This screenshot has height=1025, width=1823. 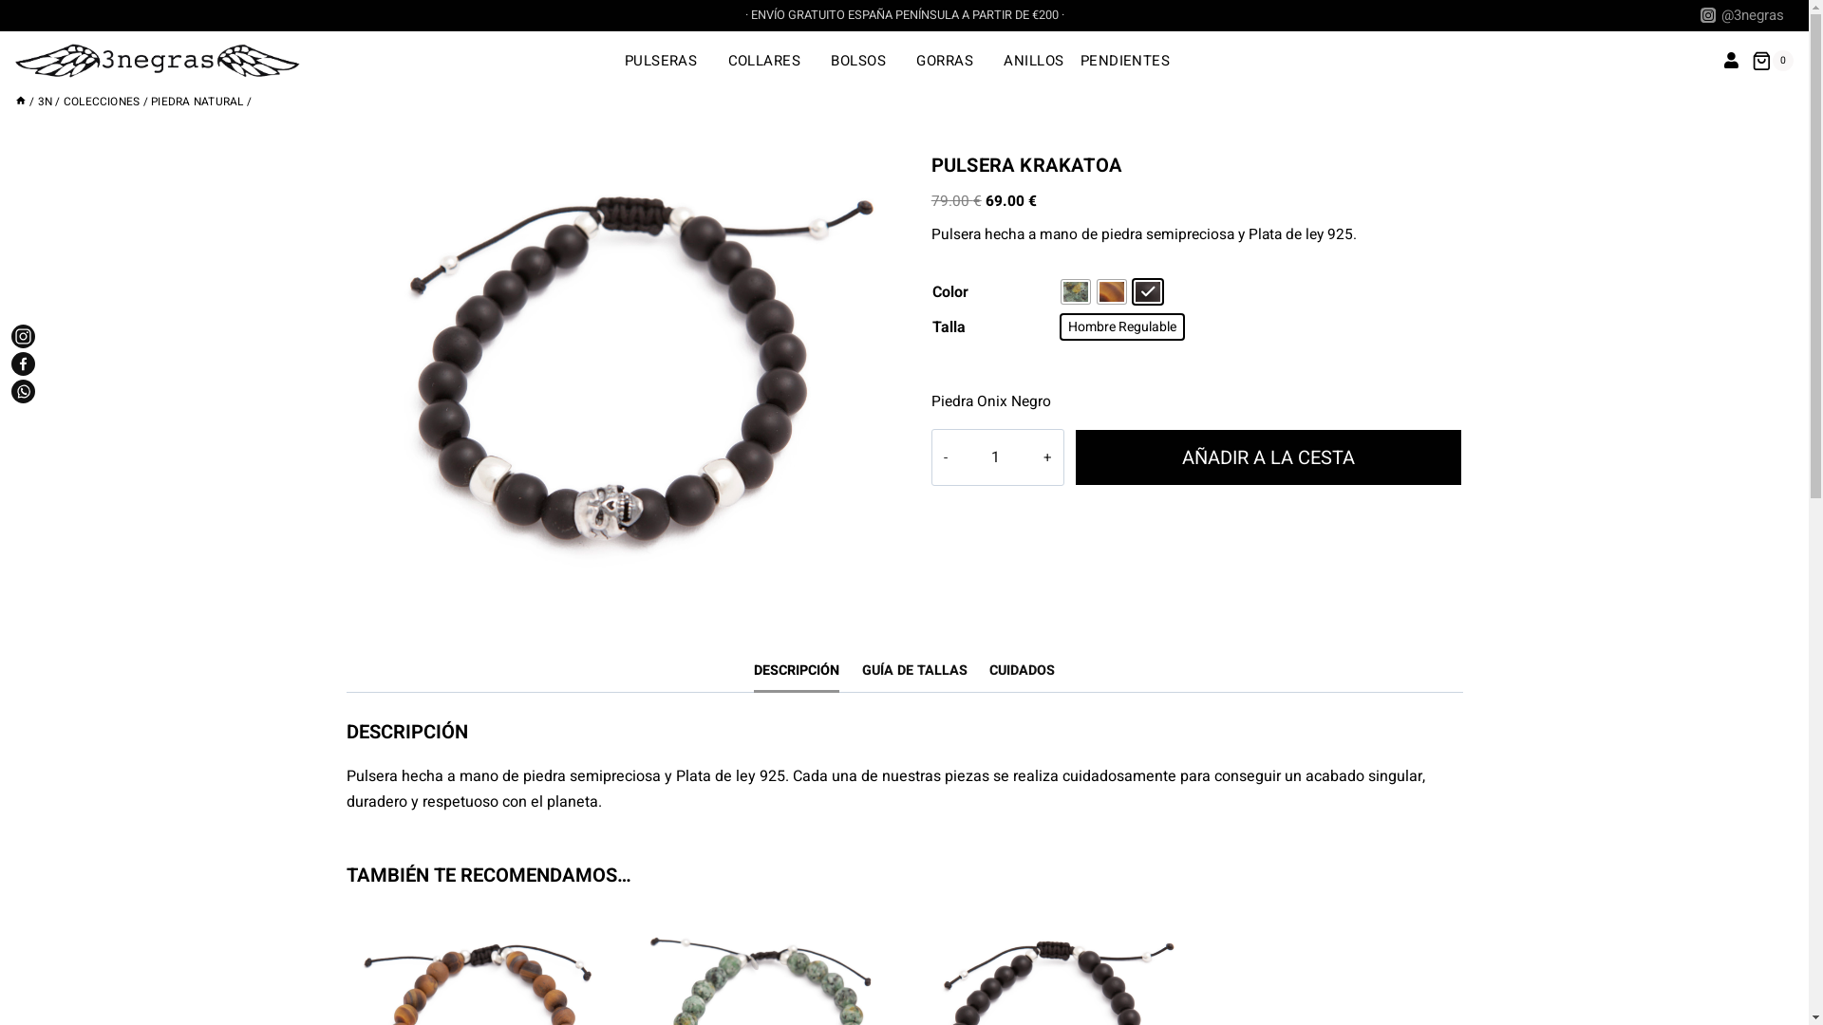 What do you see at coordinates (149, 102) in the screenshot?
I see `'PIEDRA NATURAL'` at bounding box center [149, 102].